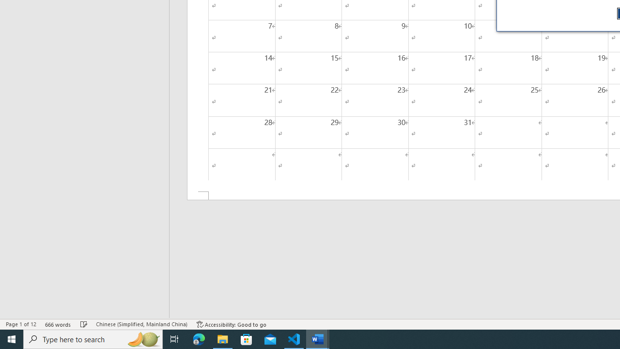 This screenshot has width=620, height=349. What do you see at coordinates (58, 324) in the screenshot?
I see `'Word Count 666 words'` at bounding box center [58, 324].